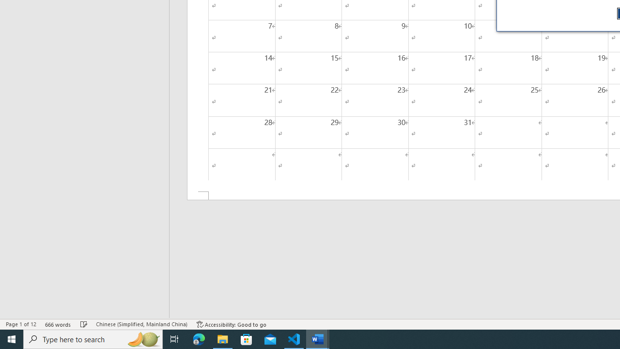 This screenshot has width=620, height=349. What do you see at coordinates (58, 324) in the screenshot?
I see `'Word Count 666 words'` at bounding box center [58, 324].